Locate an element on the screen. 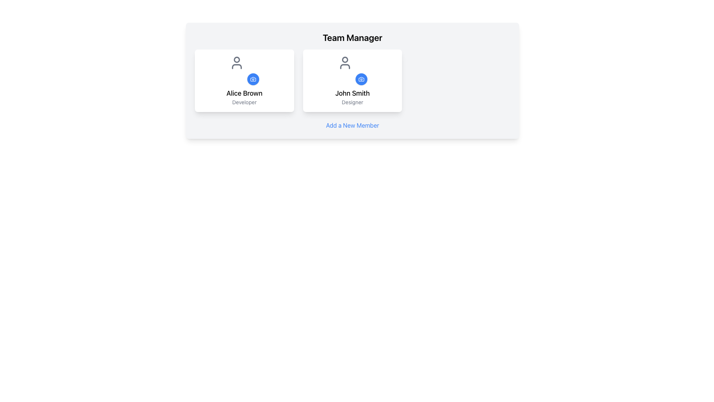 Image resolution: width=714 pixels, height=402 pixels. the text element displaying 'Alice Brown', which is styled prominently in bold font on a white rounded rectangular card is located at coordinates (244, 93).